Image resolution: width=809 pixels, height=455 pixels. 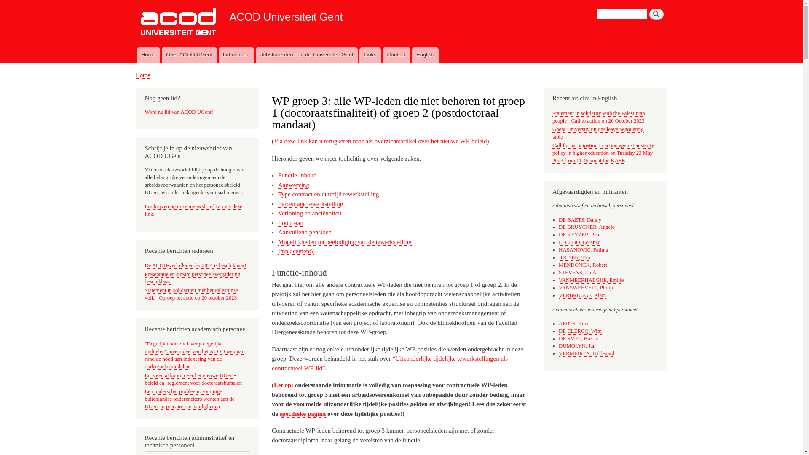 What do you see at coordinates (579, 219) in the screenshot?
I see `'DE BAETS, Danny'` at bounding box center [579, 219].